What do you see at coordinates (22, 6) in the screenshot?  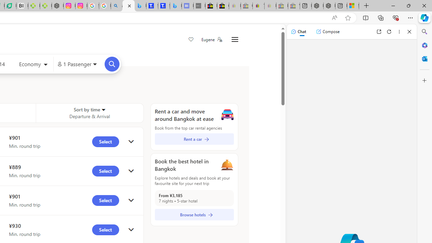 I see `'Nvidia va a poner a prueba la paciencia de los inversores'` at bounding box center [22, 6].